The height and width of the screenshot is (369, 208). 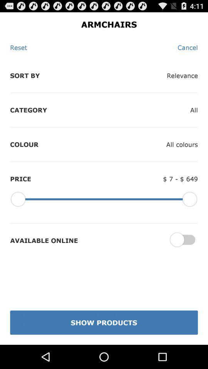 What do you see at coordinates (104, 322) in the screenshot?
I see `the icon show products` at bounding box center [104, 322].